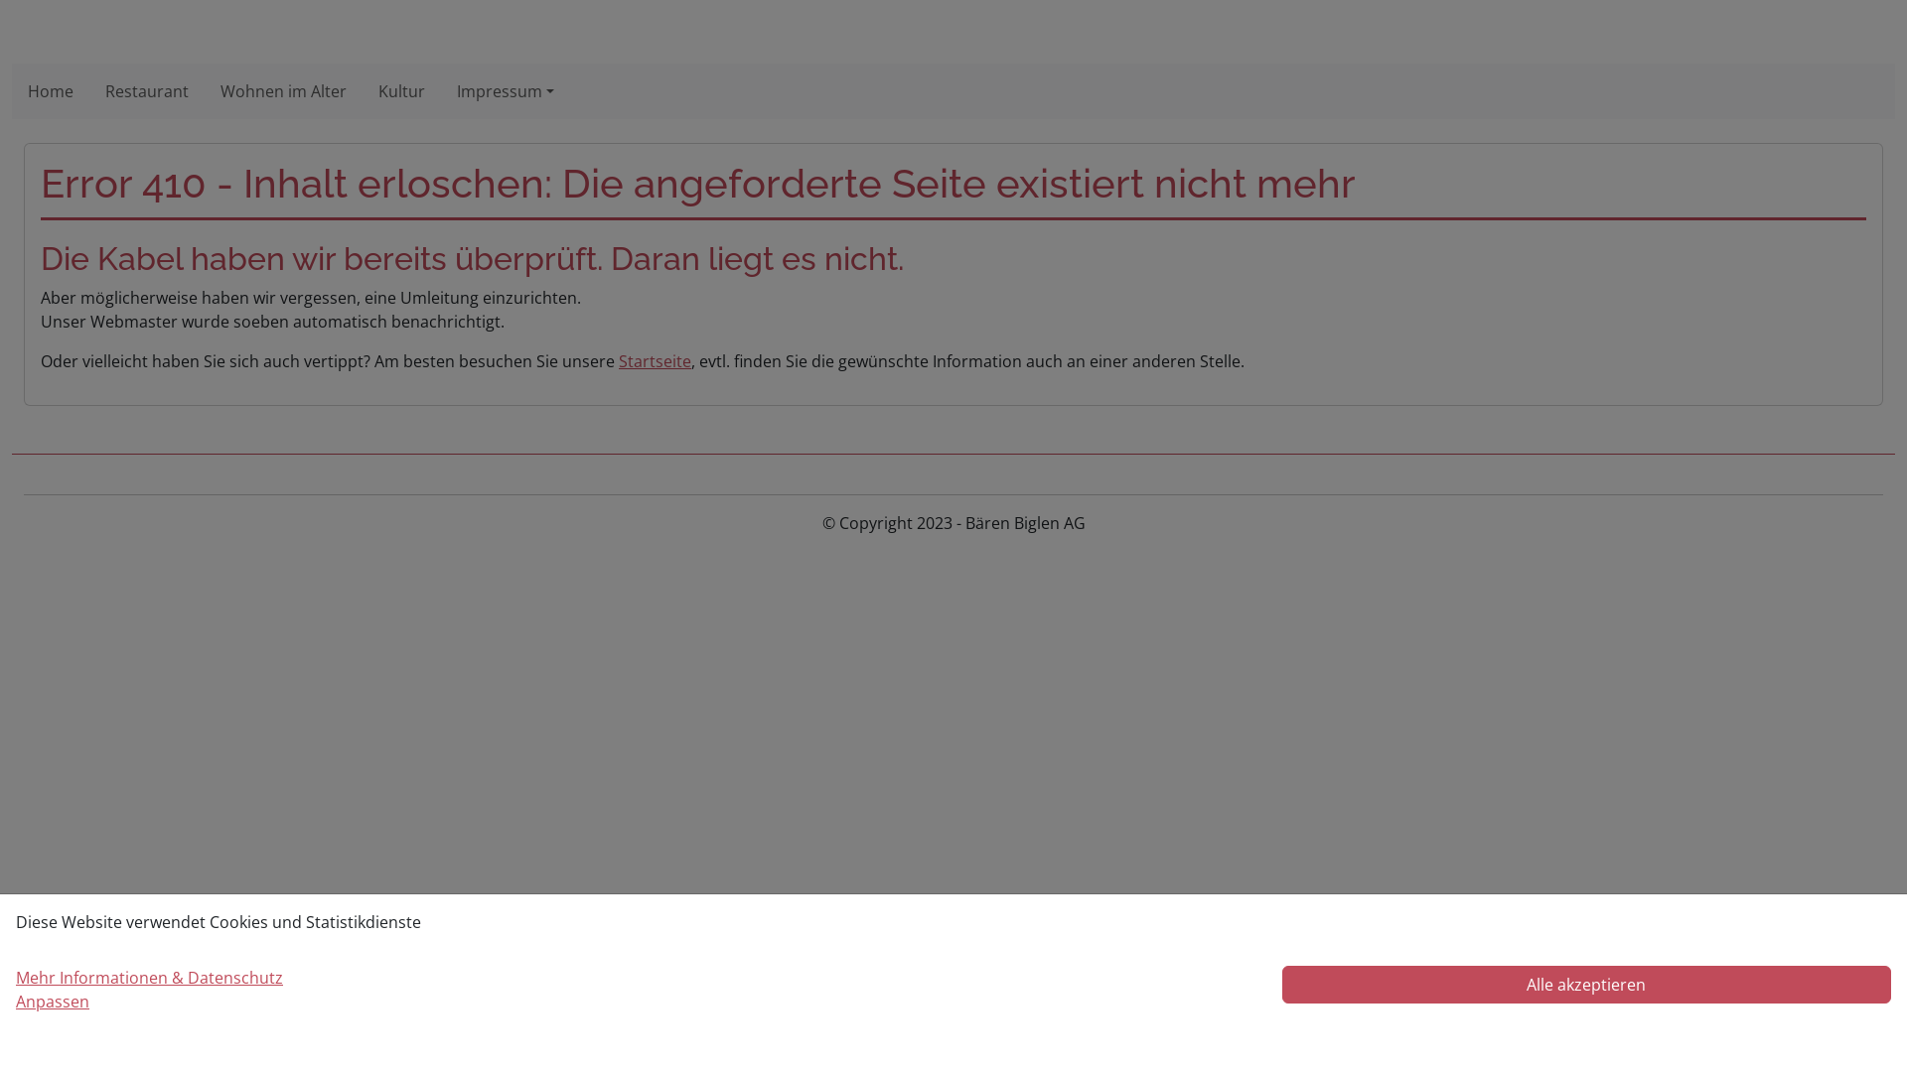 This screenshot has width=1907, height=1072. What do you see at coordinates (146, 91) in the screenshot?
I see `'Restaurant'` at bounding box center [146, 91].